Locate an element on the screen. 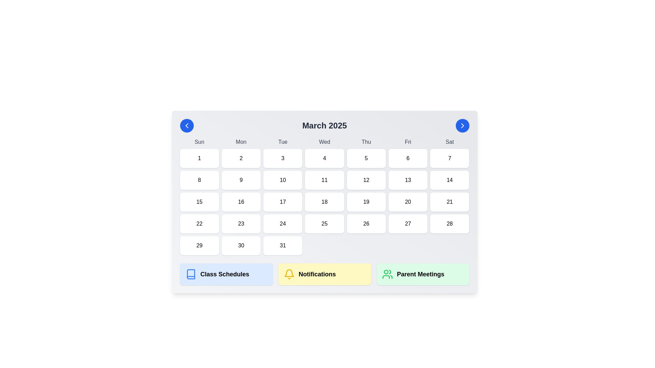  the text label 'Mon' which is styled in black with medium font weight, located in the grid of day names at the top of the calendar, specifically positioned between 'Sun' and 'Tue' is located at coordinates (241, 141).